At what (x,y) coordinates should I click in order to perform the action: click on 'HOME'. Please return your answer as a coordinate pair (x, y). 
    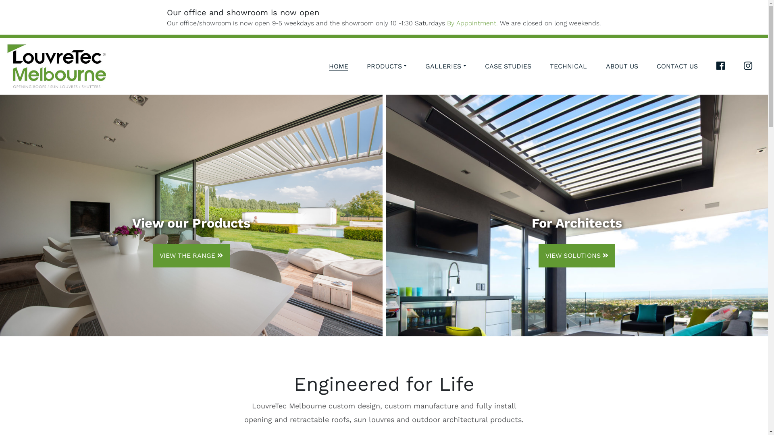
    Looking at the image, I should click on (339, 66).